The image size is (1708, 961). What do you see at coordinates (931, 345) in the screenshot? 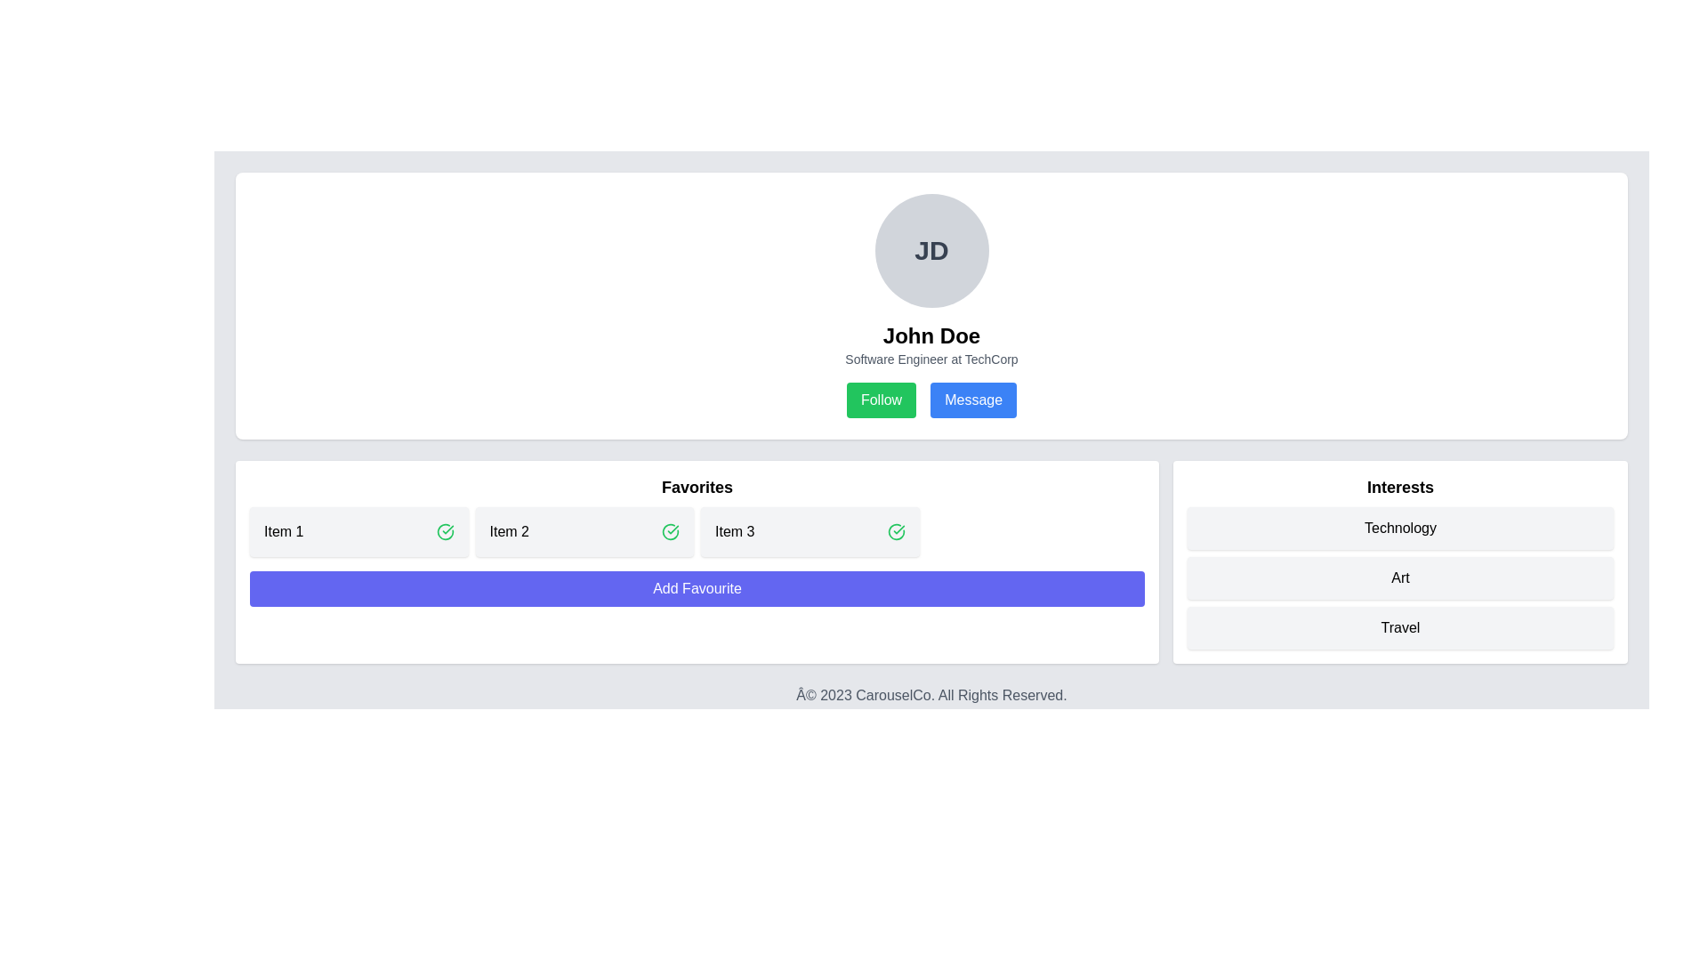
I see `the text block containing the name 'John Doe' and the description 'Software Engineer at TechCorp', which is positioned below the avatar labeled 'JD'` at bounding box center [931, 345].